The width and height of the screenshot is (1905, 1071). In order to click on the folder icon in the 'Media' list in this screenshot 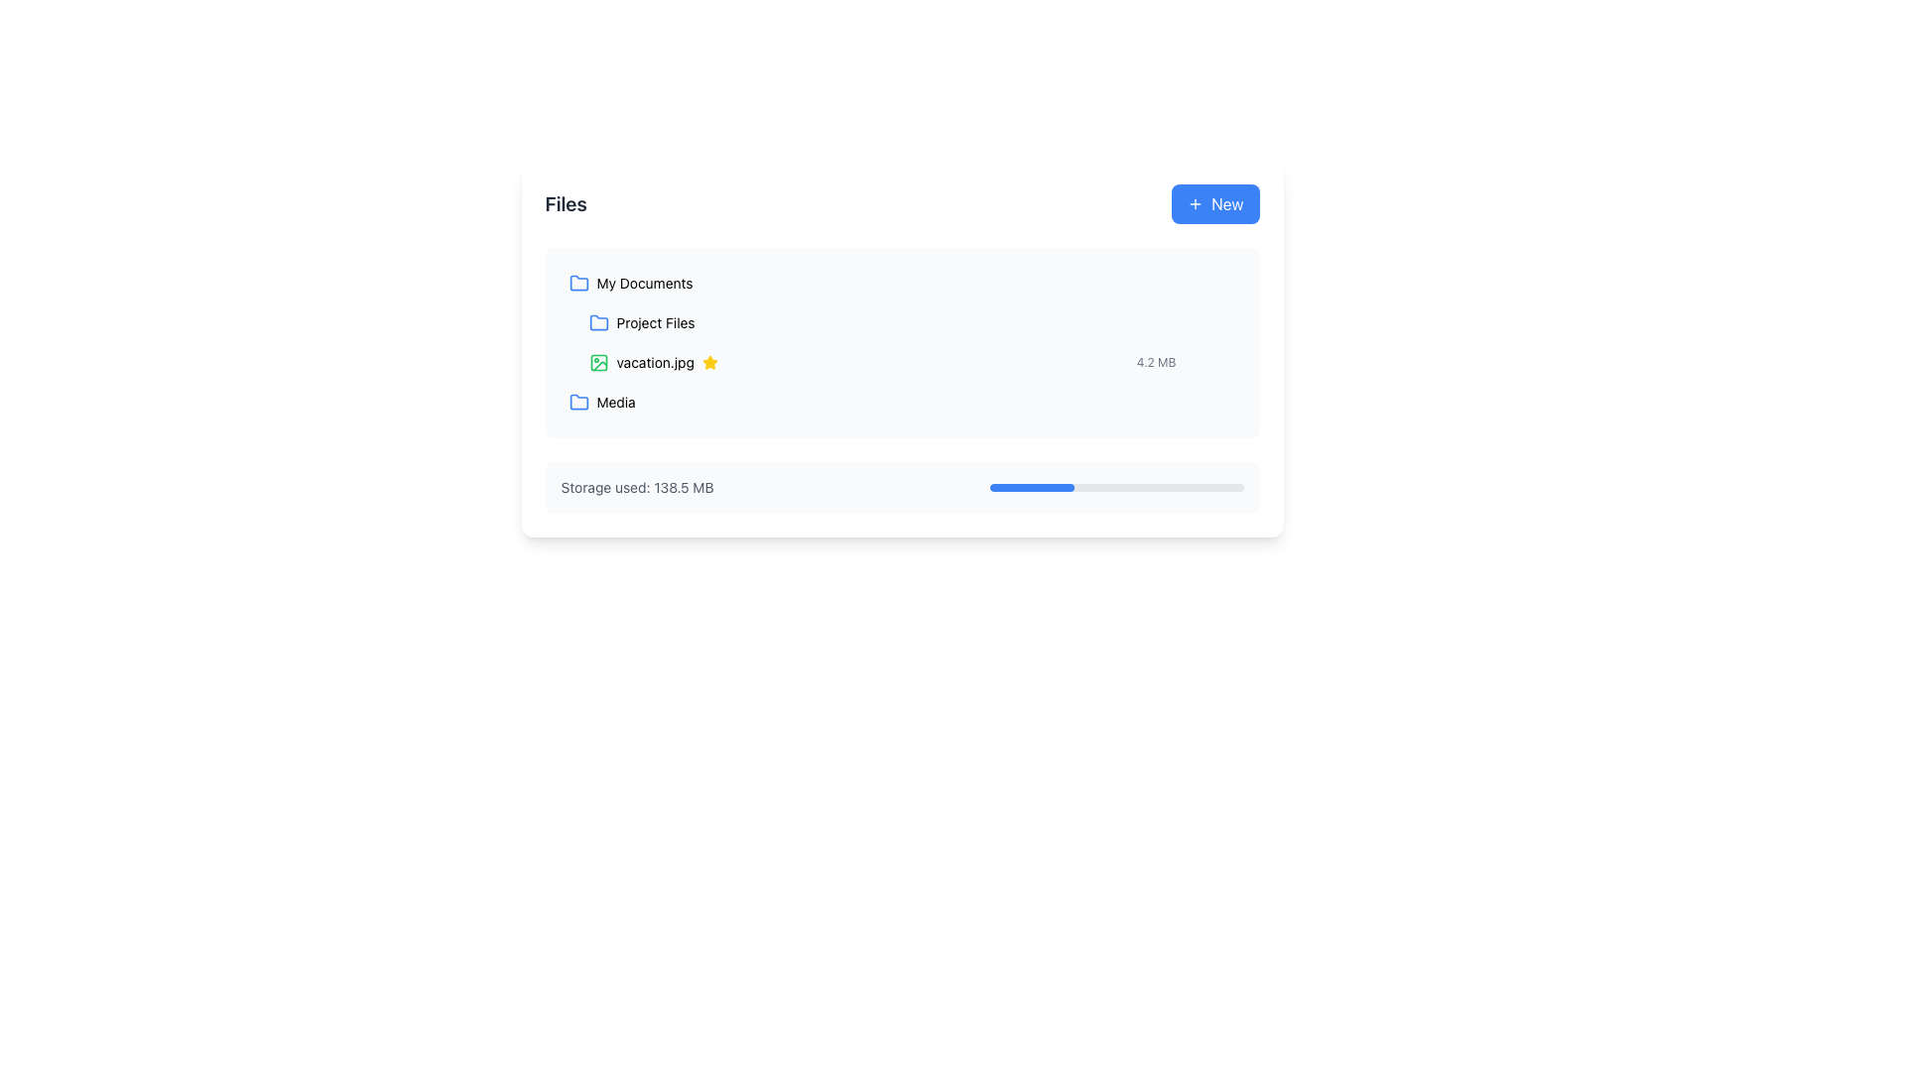, I will do `click(577, 402)`.